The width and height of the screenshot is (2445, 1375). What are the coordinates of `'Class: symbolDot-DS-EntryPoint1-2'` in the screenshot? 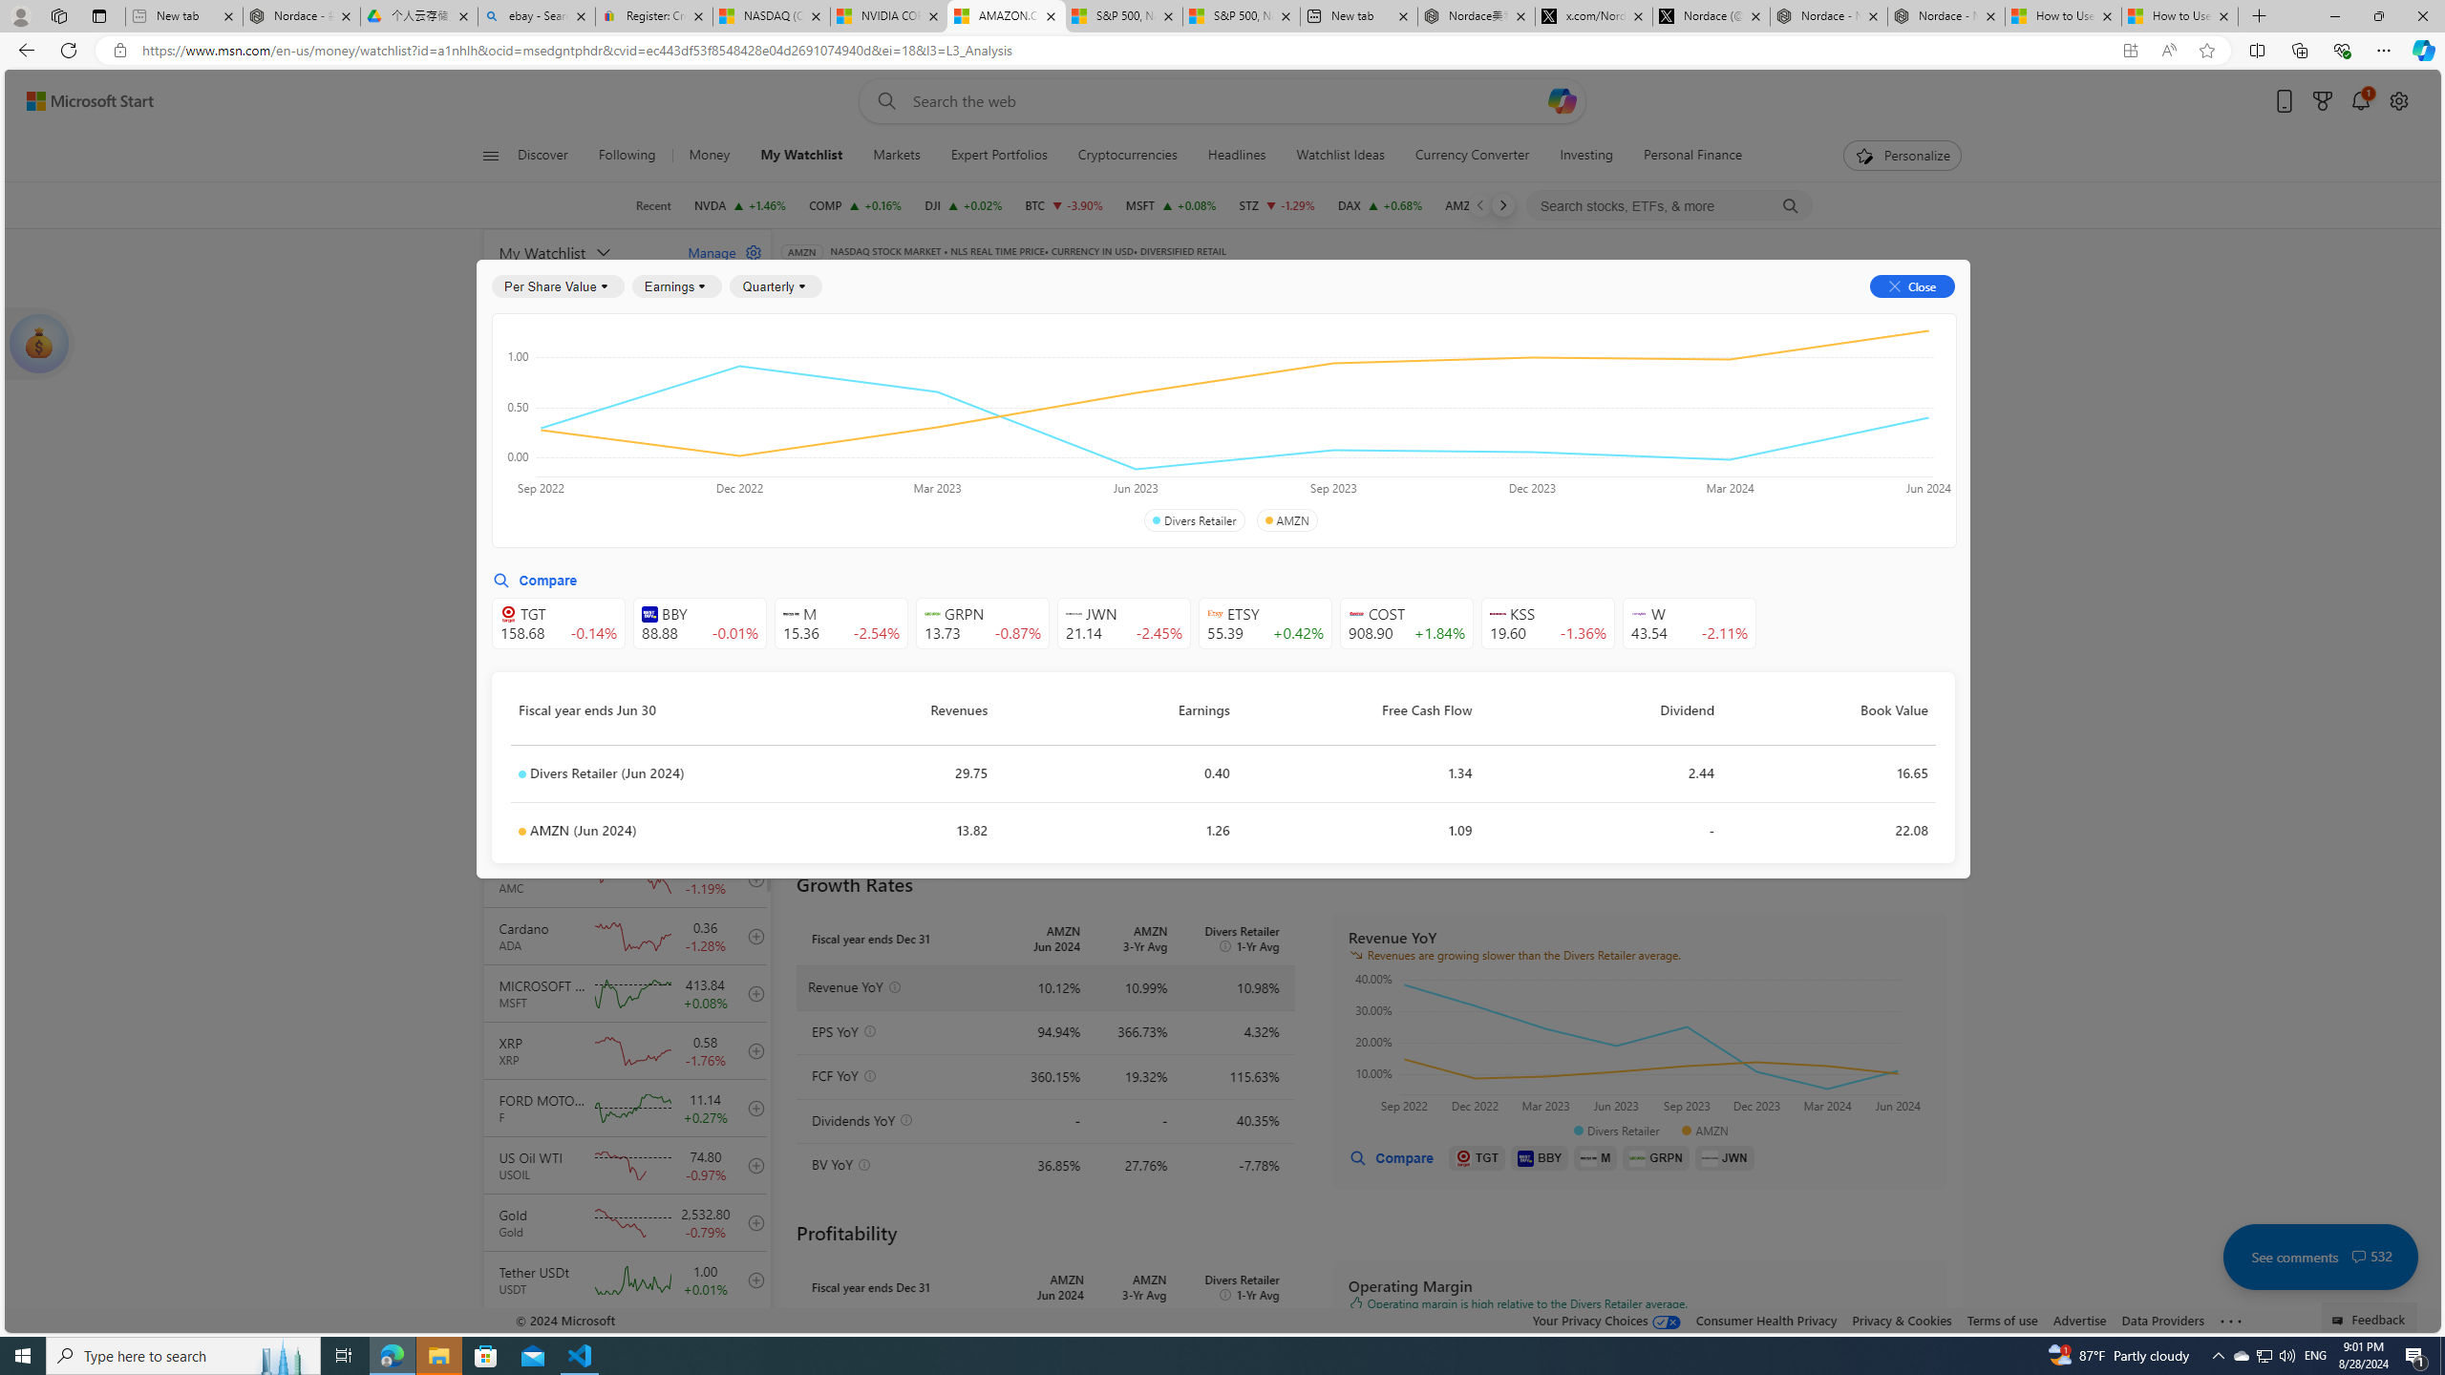 It's located at (521, 831).